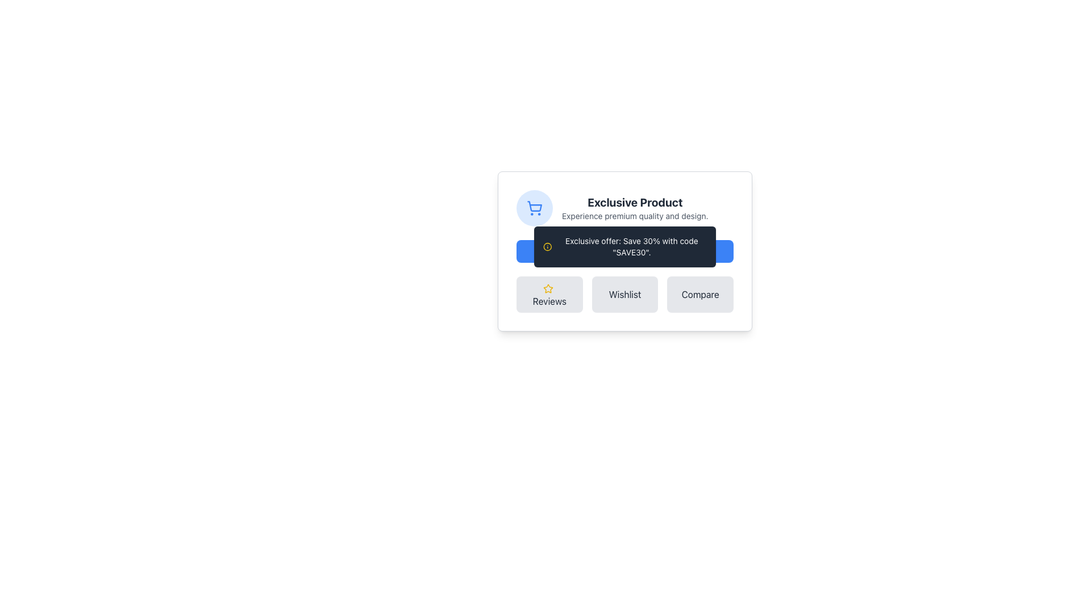  I want to click on the body of the shopping cart icon, which is a part of the SVG graphic representing e-commerce functionality, so click(534, 206).